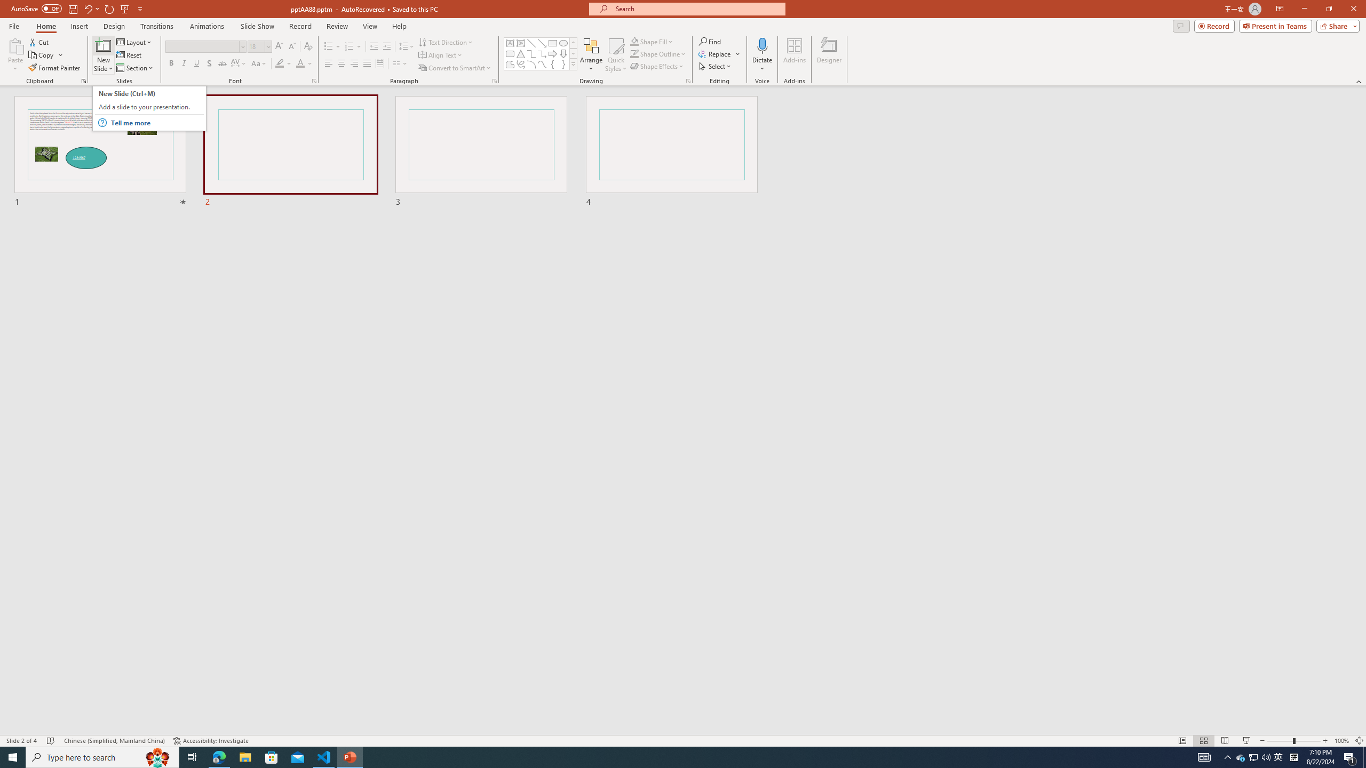 Image resolution: width=1366 pixels, height=768 pixels. I want to click on 'Shape Outline', so click(657, 53).